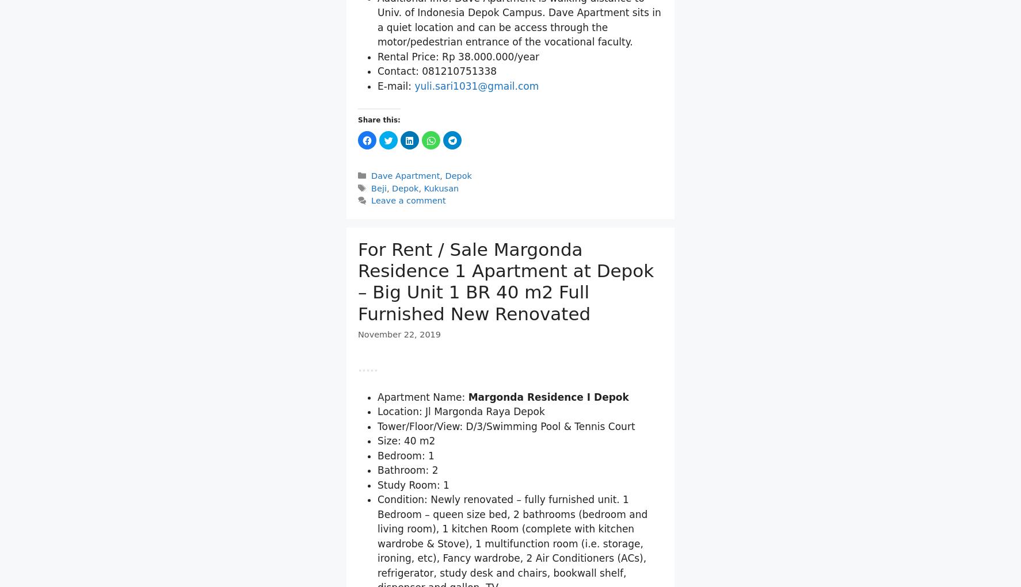  Describe the element at coordinates (440, 322) in the screenshot. I see `'Kukusan'` at that location.